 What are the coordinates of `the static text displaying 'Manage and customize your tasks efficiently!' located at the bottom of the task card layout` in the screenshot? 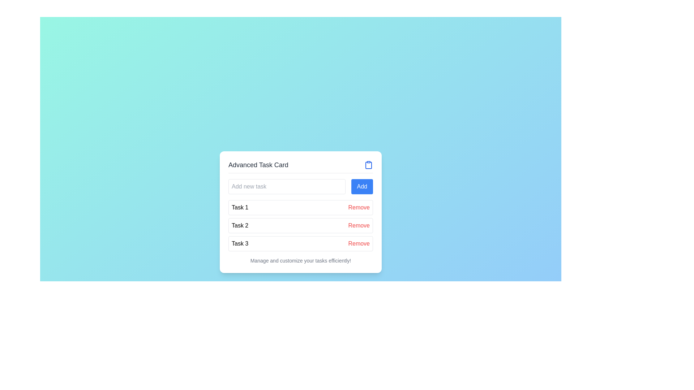 It's located at (300, 260).